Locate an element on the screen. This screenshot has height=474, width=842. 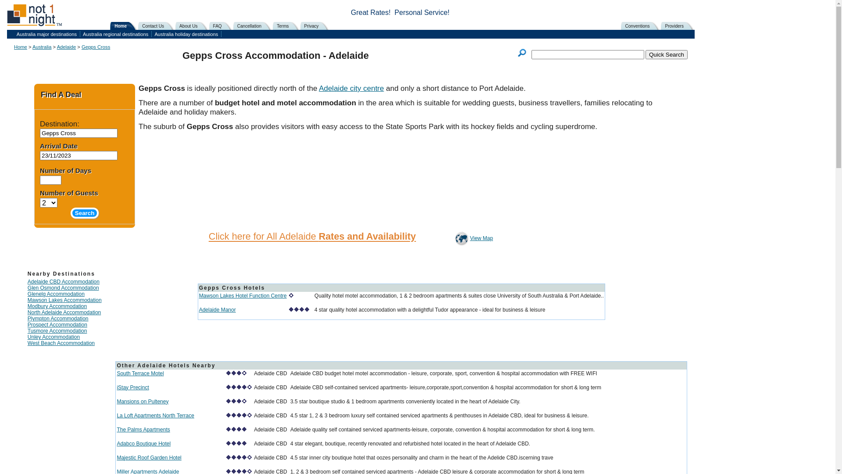
'Gepps Cross' is located at coordinates (96, 47).